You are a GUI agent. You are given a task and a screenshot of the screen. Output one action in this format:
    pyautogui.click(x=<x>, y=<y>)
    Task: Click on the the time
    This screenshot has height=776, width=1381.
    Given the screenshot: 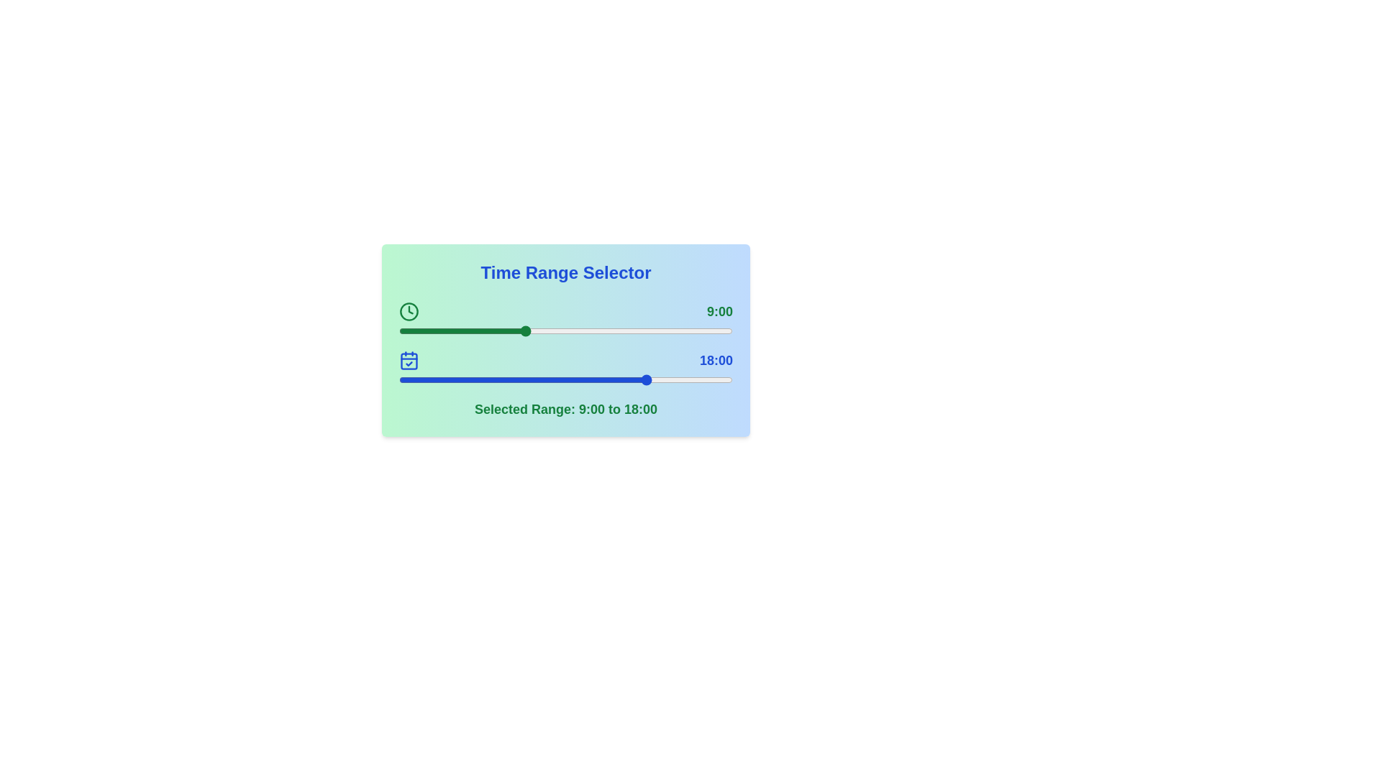 What is the action you would take?
    pyautogui.click(x=690, y=379)
    